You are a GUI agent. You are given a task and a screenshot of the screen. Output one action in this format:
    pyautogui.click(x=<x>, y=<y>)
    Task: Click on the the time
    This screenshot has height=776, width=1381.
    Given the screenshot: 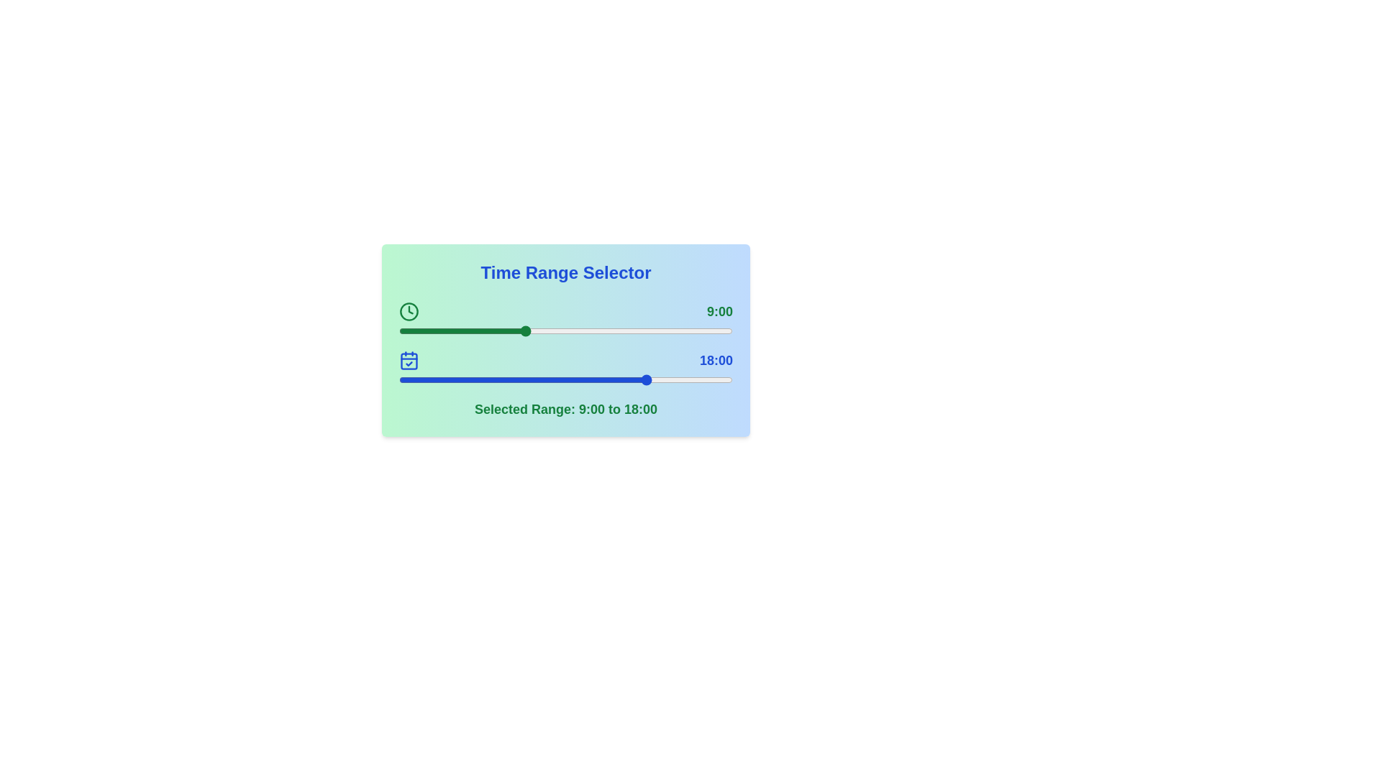 What is the action you would take?
    pyautogui.click(x=690, y=379)
    